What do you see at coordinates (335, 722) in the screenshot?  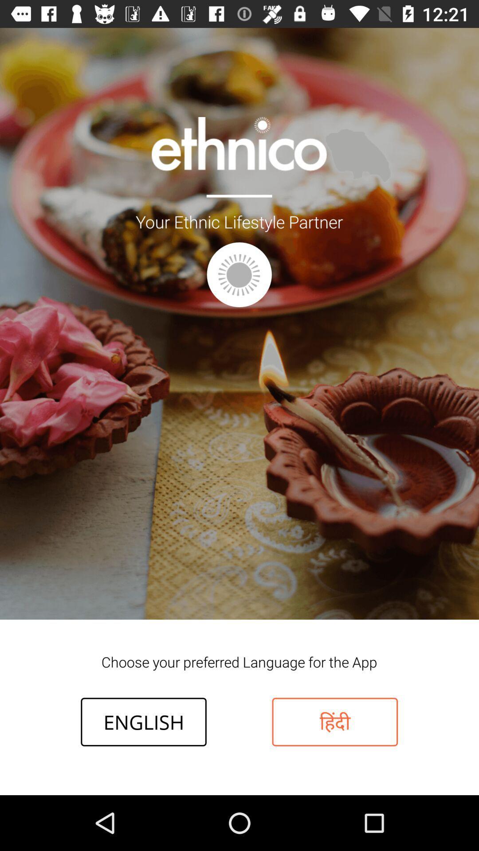 I see `item below choose your preferred icon` at bounding box center [335, 722].